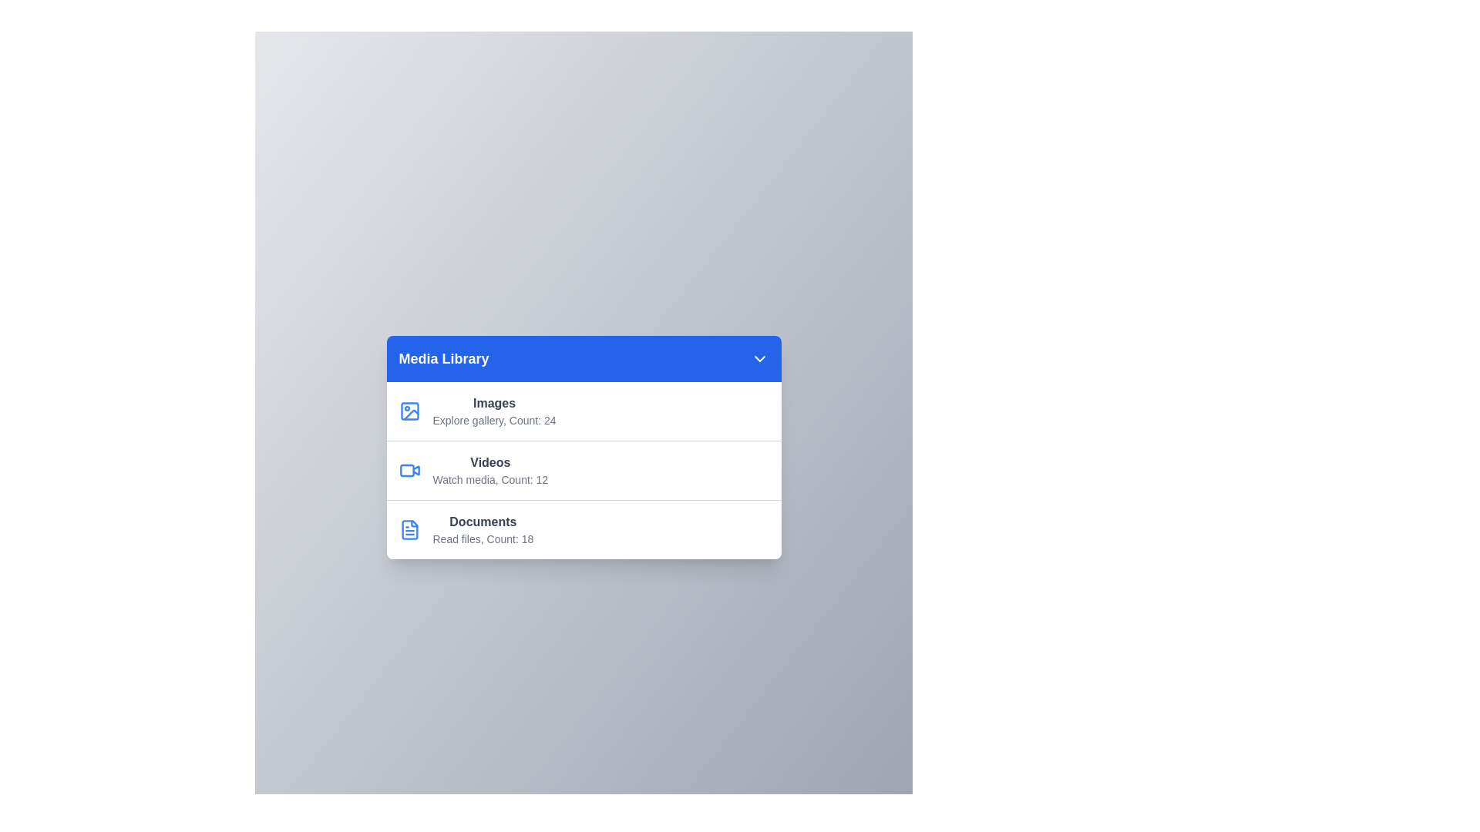 The image size is (1480, 832). I want to click on the media item Images from the menu, so click(583, 410).